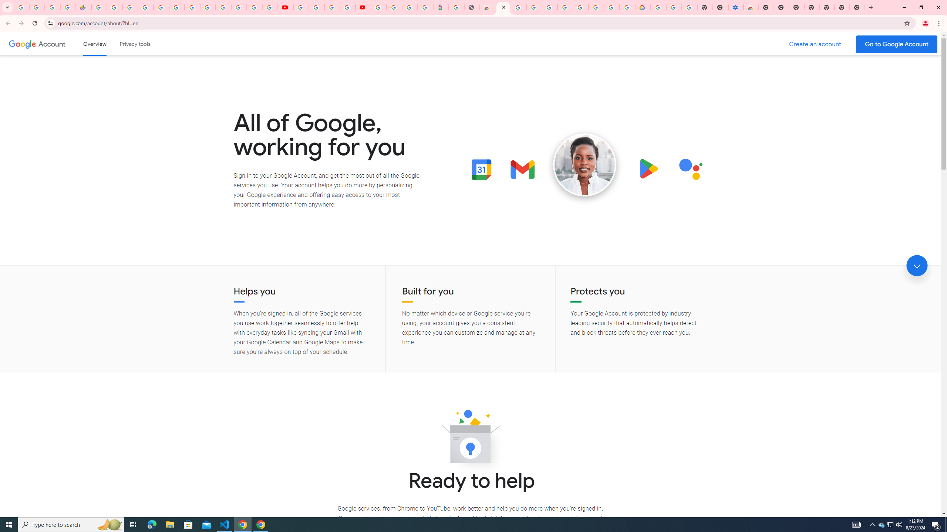 The width and height of the screenshot is (947, 532). I want to click on 'Google logo', so click(22, 44).